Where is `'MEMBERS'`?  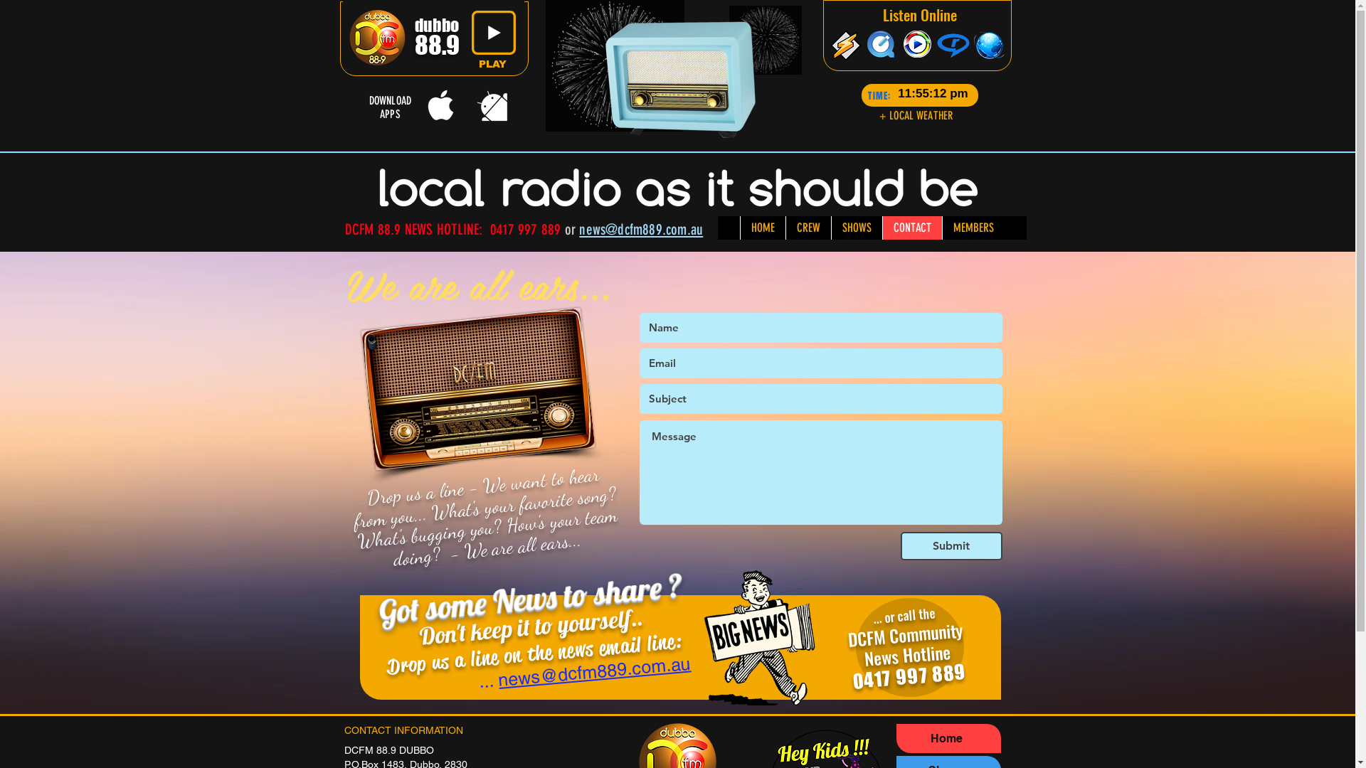 'MEMBERS' is located at coordinates (973, 227).